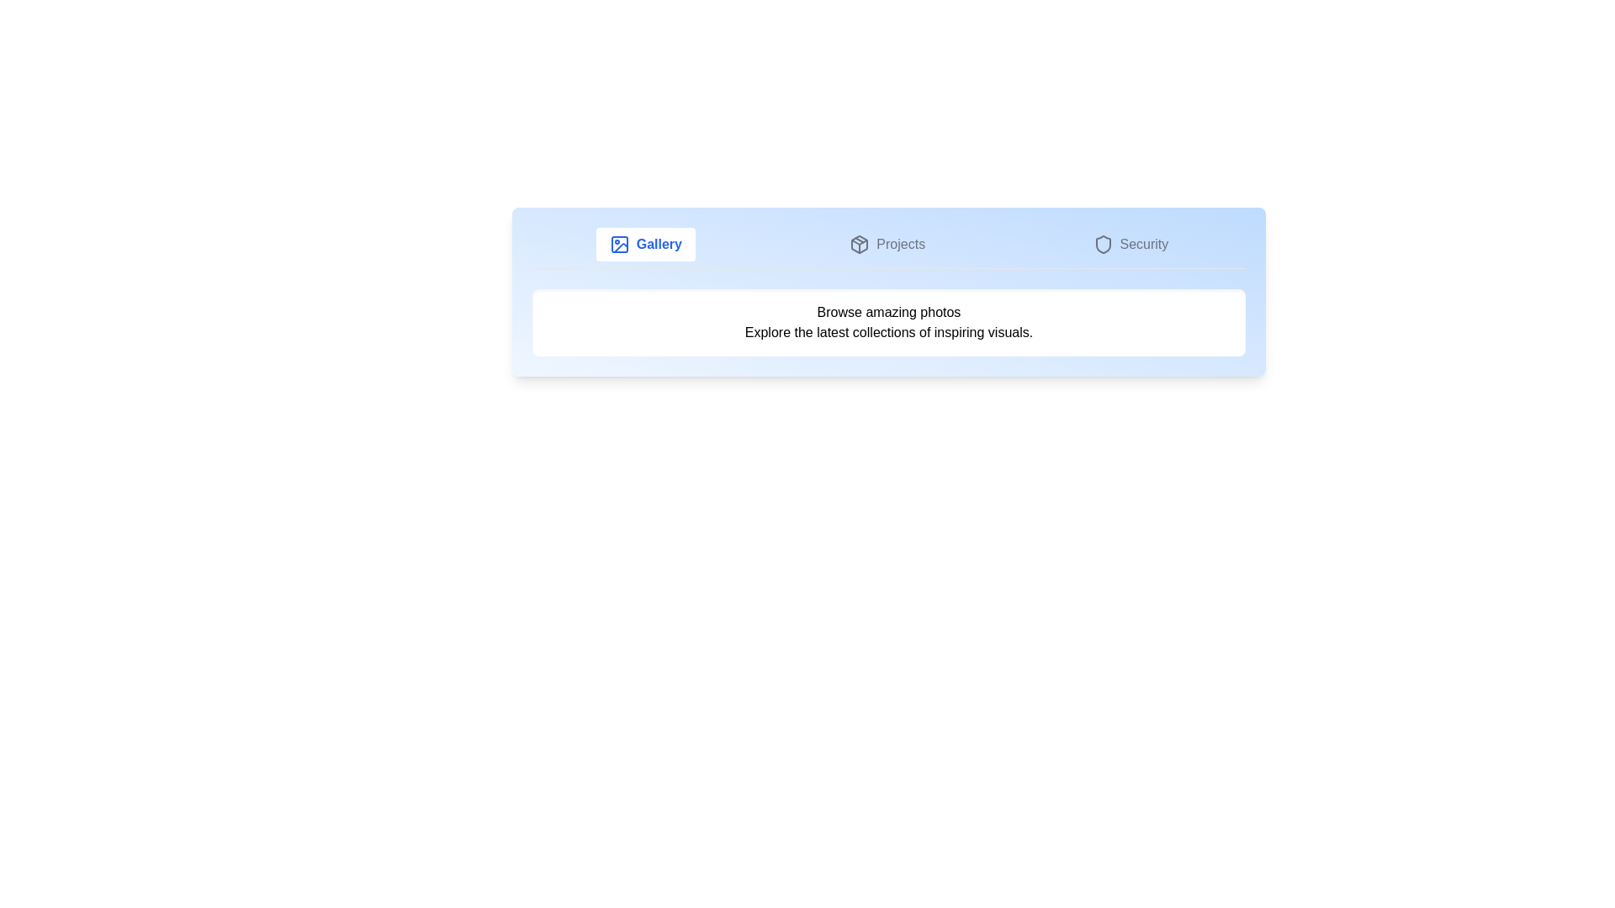 The width and height of the screenshot is (1615, 908). What do you see at coordinates (644, 244) in the screenshot?
I see `the Gallery tab by clicking its respective button` at bounding box center [644, 244].